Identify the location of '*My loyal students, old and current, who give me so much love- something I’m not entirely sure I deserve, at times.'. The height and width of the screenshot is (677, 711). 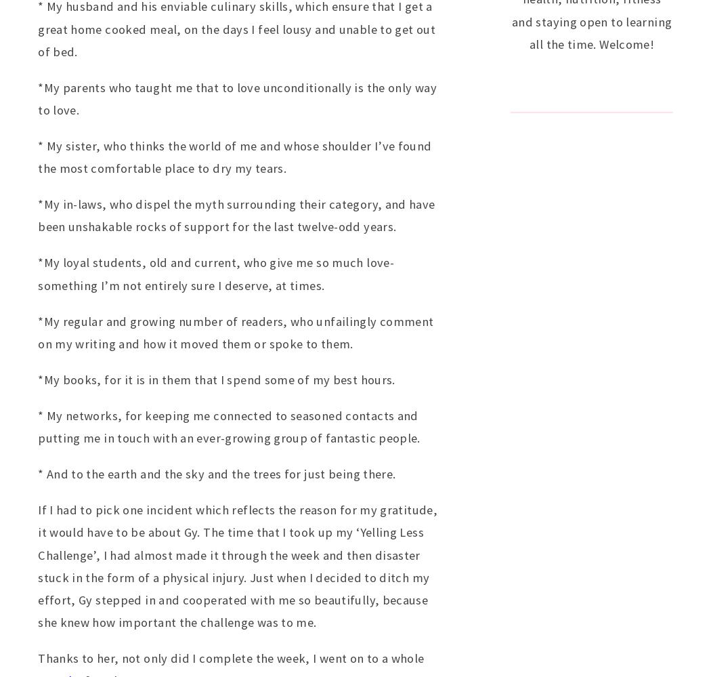
(215, 272).